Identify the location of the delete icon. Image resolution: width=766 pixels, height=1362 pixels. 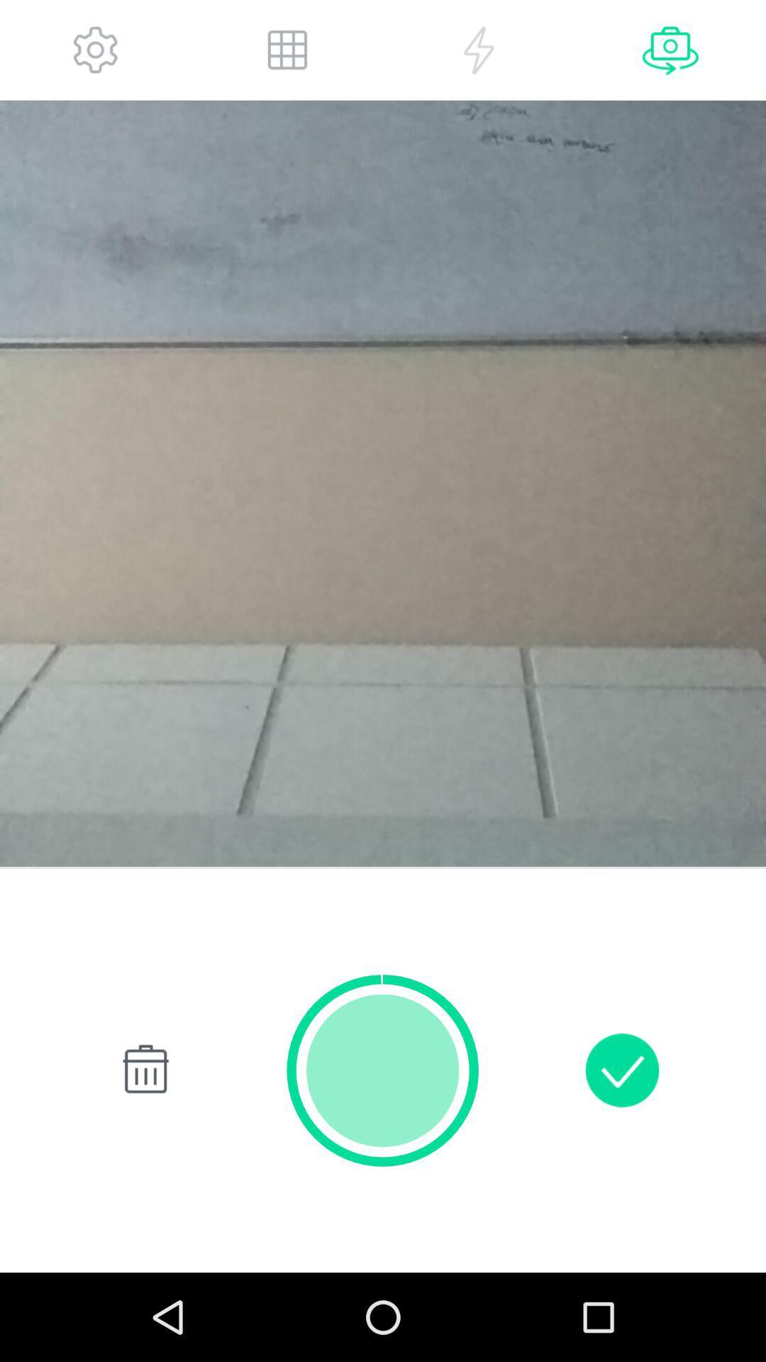
(143, 1145).